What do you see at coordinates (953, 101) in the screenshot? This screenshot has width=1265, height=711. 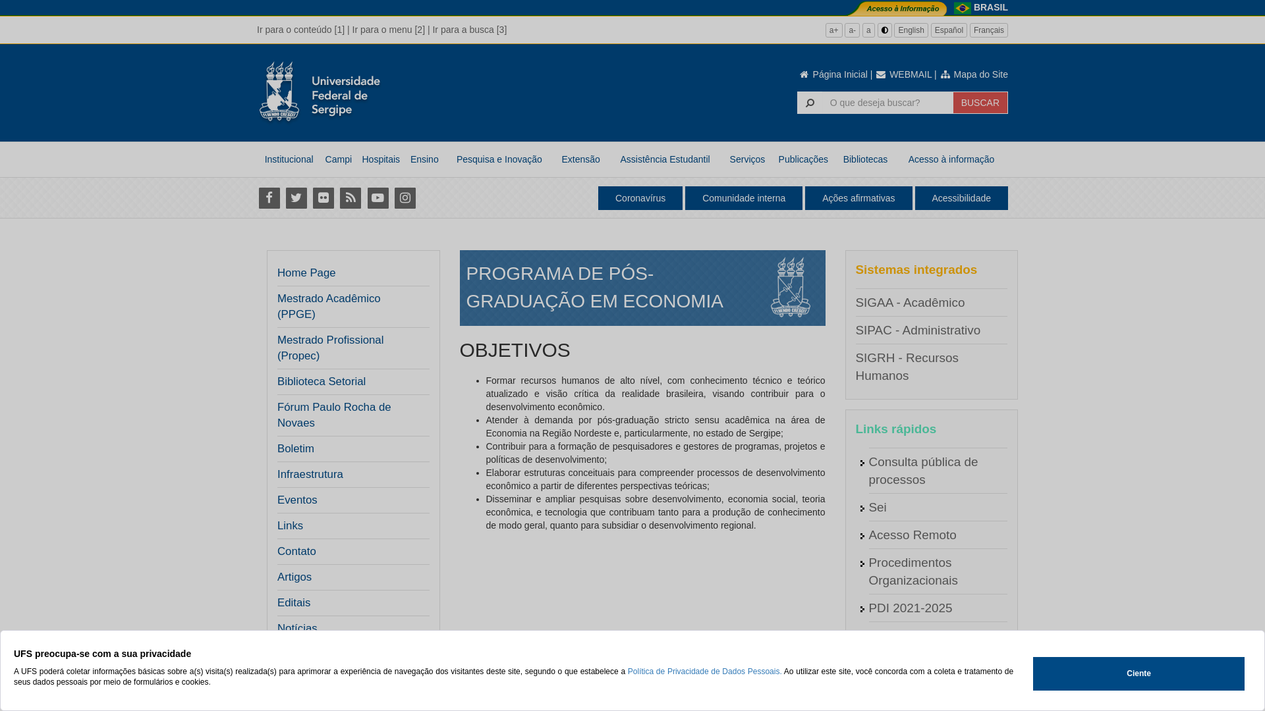 I see `'BUSCAR'` at bounding box center [953, 101].